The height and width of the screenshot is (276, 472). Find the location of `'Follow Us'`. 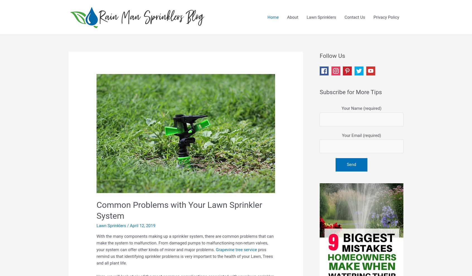

'Follow Us' is located at coordinates (332, 56).